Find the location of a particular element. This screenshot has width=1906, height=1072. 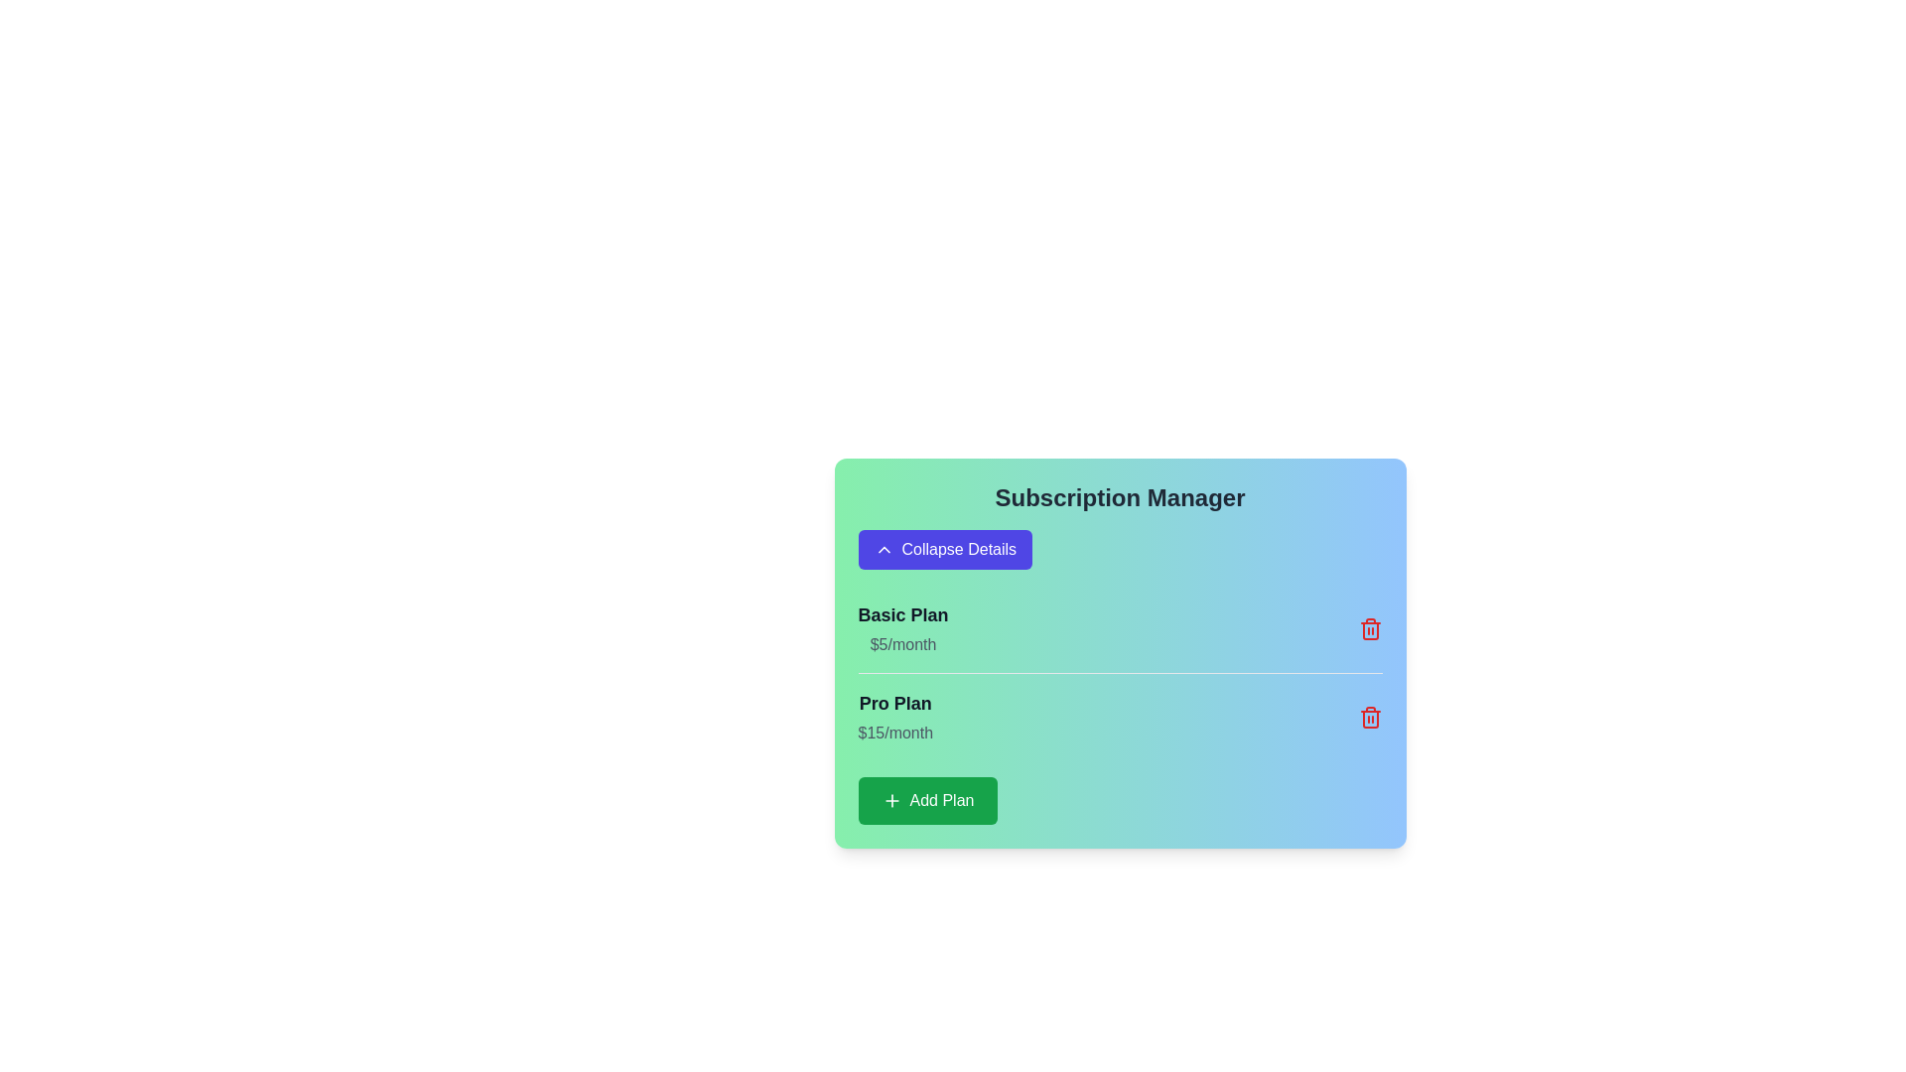

the delete icon button for the 'Pro Plan' subscription in the 'Subscription Manager' interface is located at coordinates (1369, 717).